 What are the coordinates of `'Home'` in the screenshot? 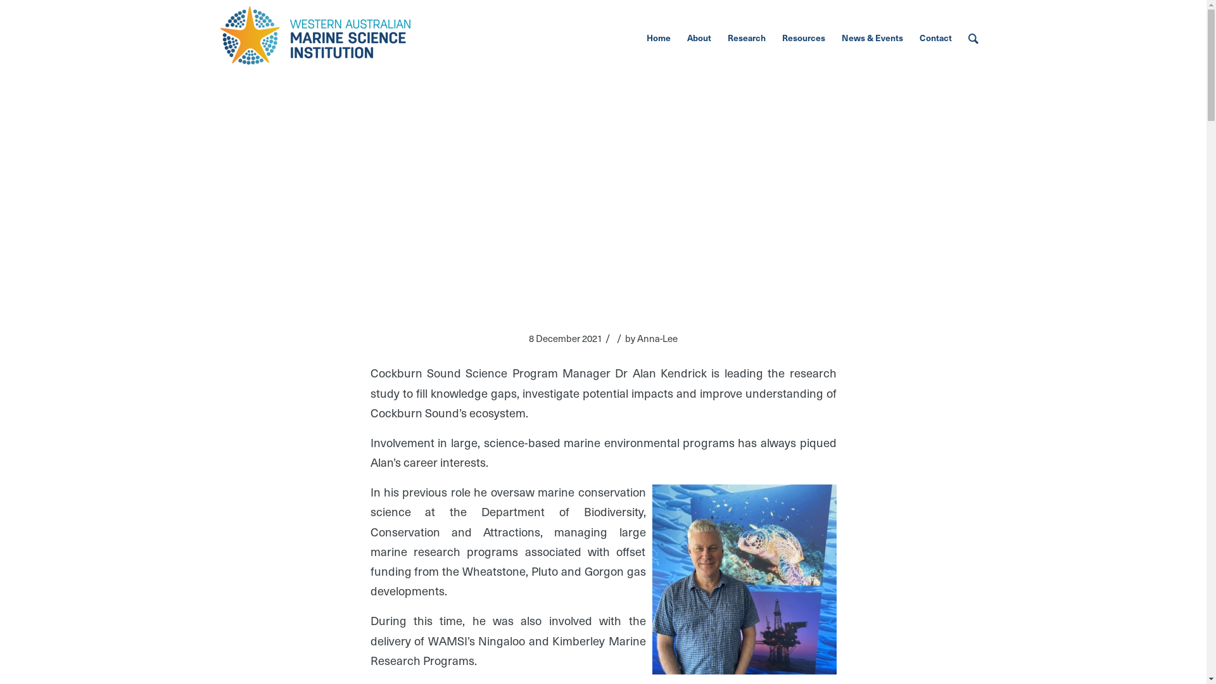 It's located at (659, 37).